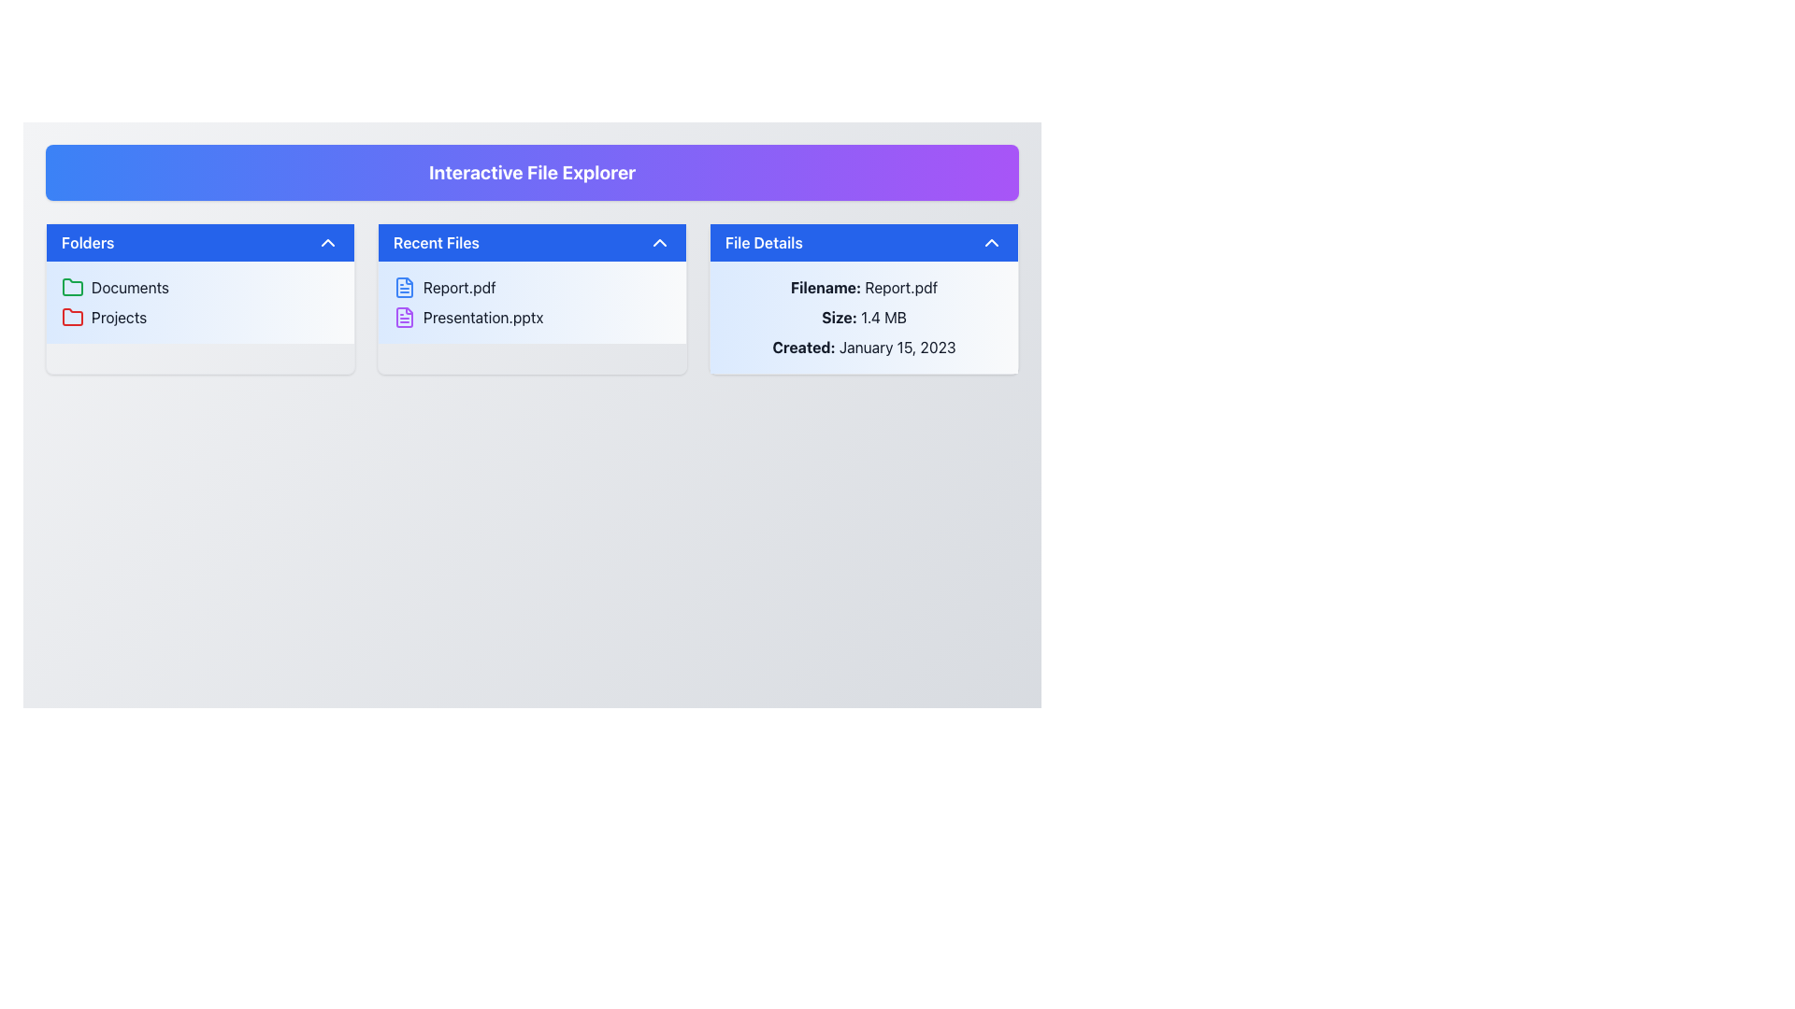  What do you see at coordinates (403, 316) in the screenshot?
I see `the purple file icon resembling a document with horizontal lines and a folded corner, located to the left of the 'Presentation.pptx' text in the 'Recent Files' section` at bounding box center [403, 316].